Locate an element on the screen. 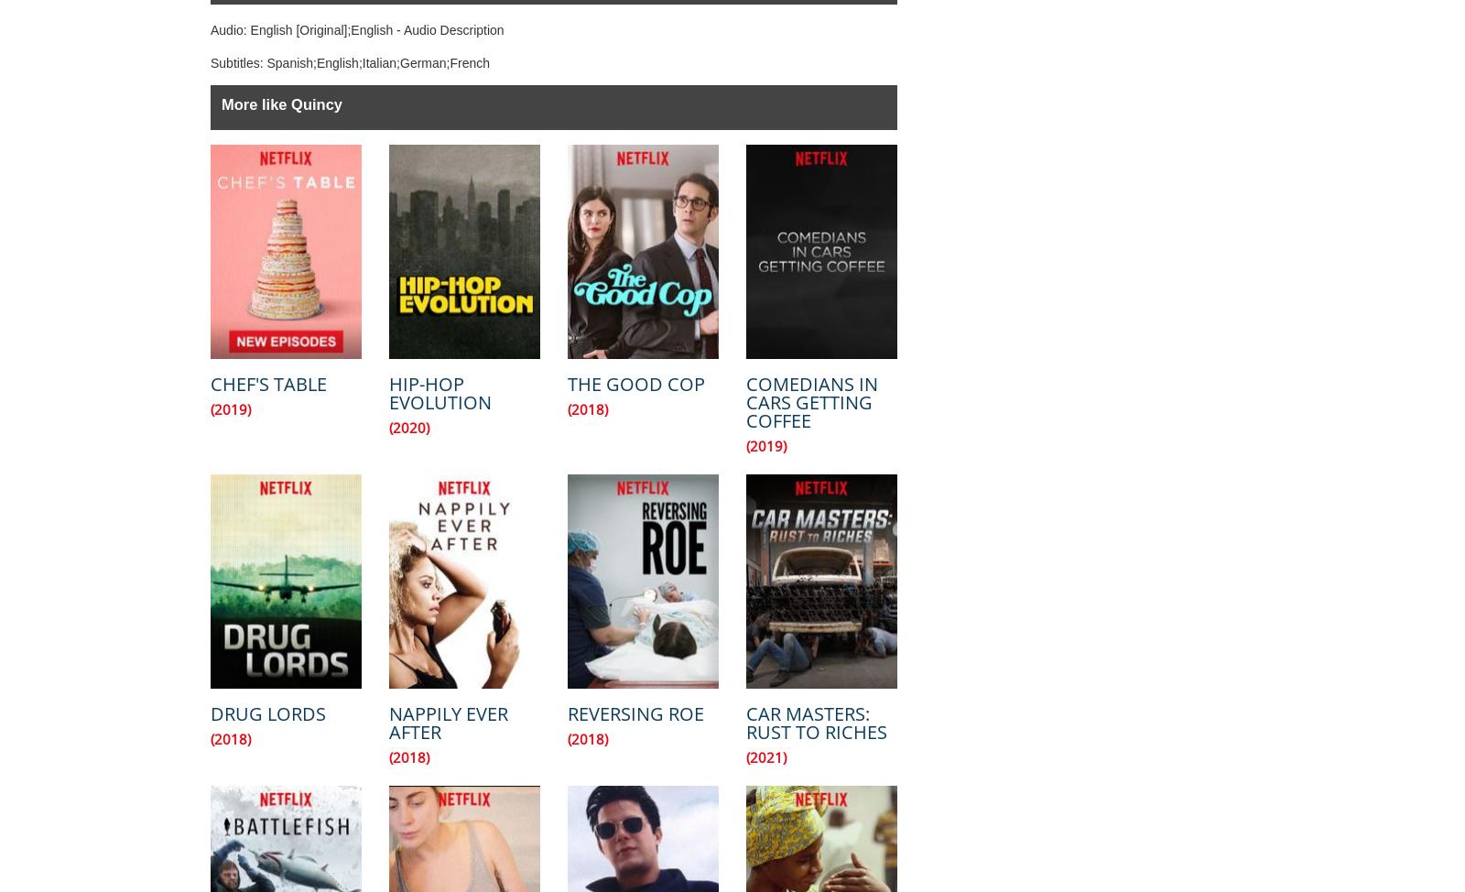  'Drug Lords' is located at coordinates (210, 713).